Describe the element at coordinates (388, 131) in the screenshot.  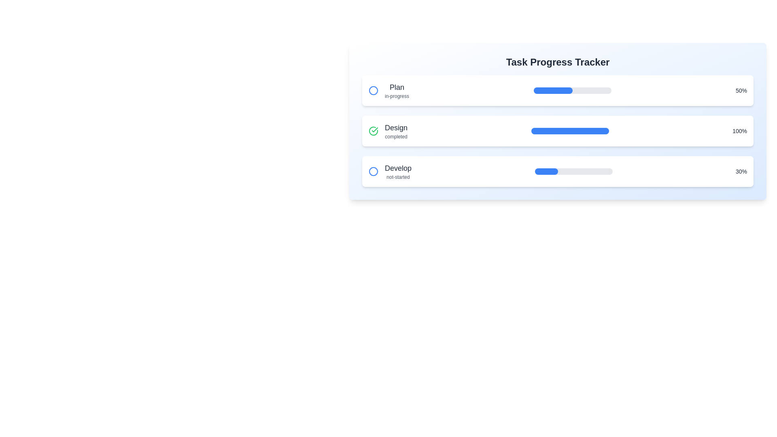
I see `the Composite element indicating task completion with a green checkmark and 'Design completed' text, located in the second progress block of the tracker` at that location.